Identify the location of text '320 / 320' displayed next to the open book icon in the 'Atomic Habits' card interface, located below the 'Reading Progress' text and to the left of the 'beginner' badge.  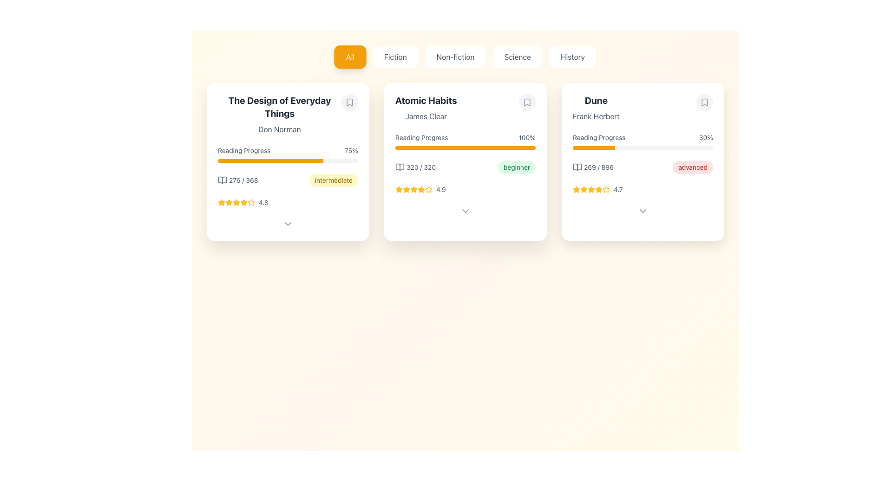
(415, 167).